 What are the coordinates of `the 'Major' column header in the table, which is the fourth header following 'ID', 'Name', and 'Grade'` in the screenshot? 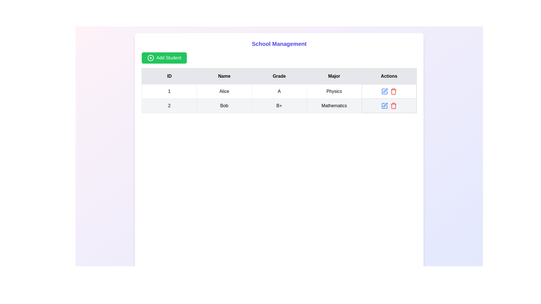 It's located at (334, 76).